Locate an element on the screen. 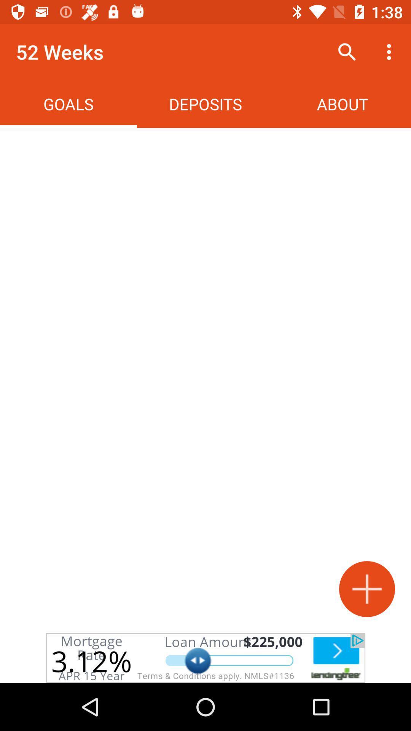  advertisement is located at coordinates (205, 658).